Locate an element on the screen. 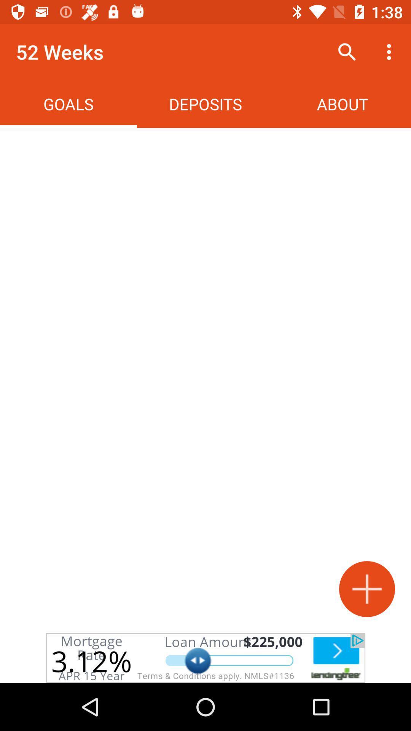  advertisement is located at coordinates (205, 658).